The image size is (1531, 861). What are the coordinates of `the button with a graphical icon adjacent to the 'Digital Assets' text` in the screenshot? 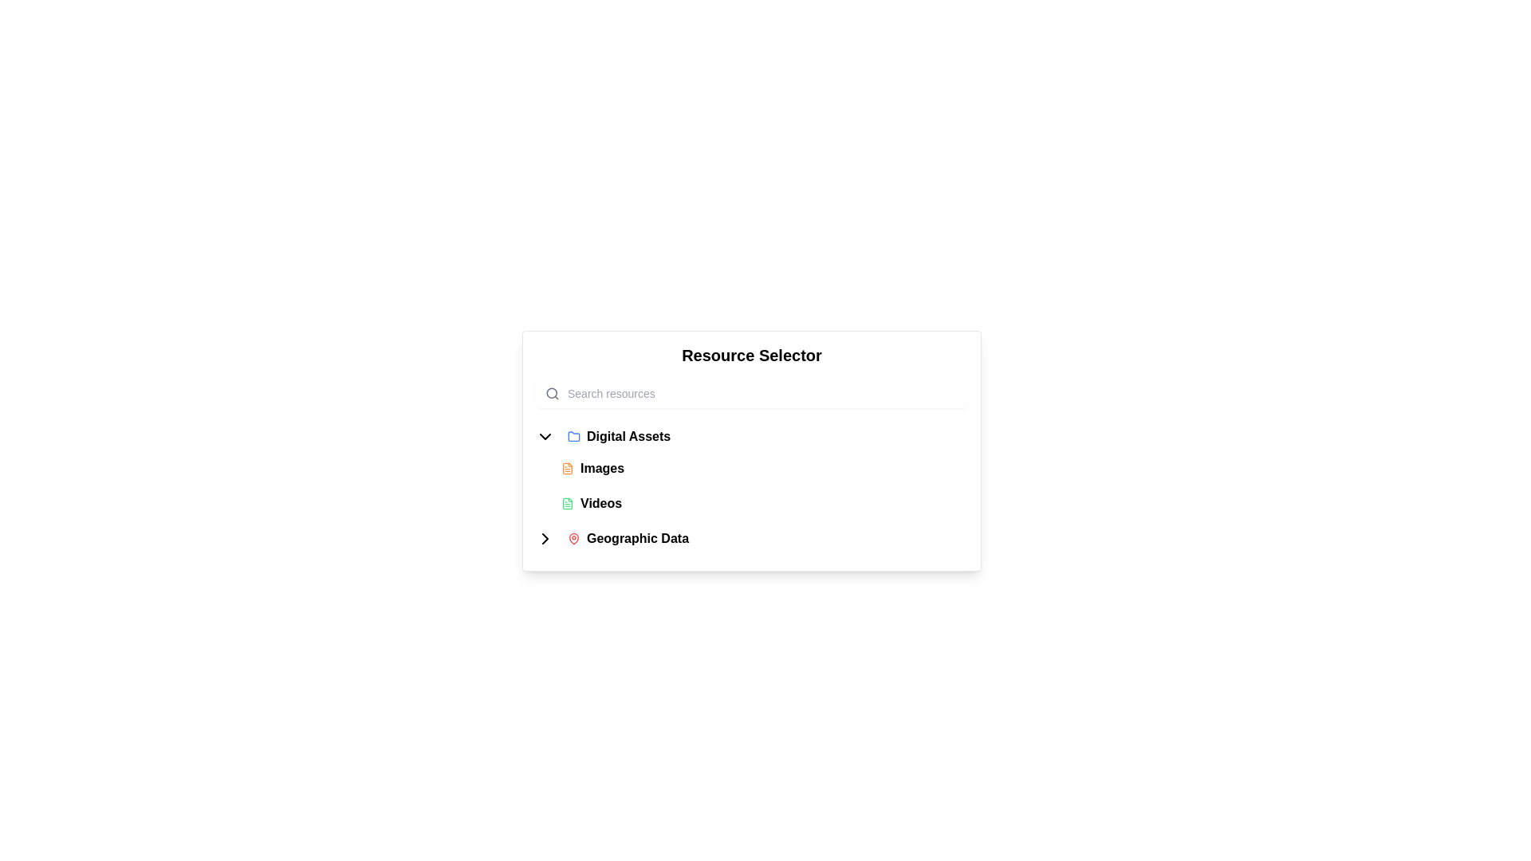 It's located at (545, 436).